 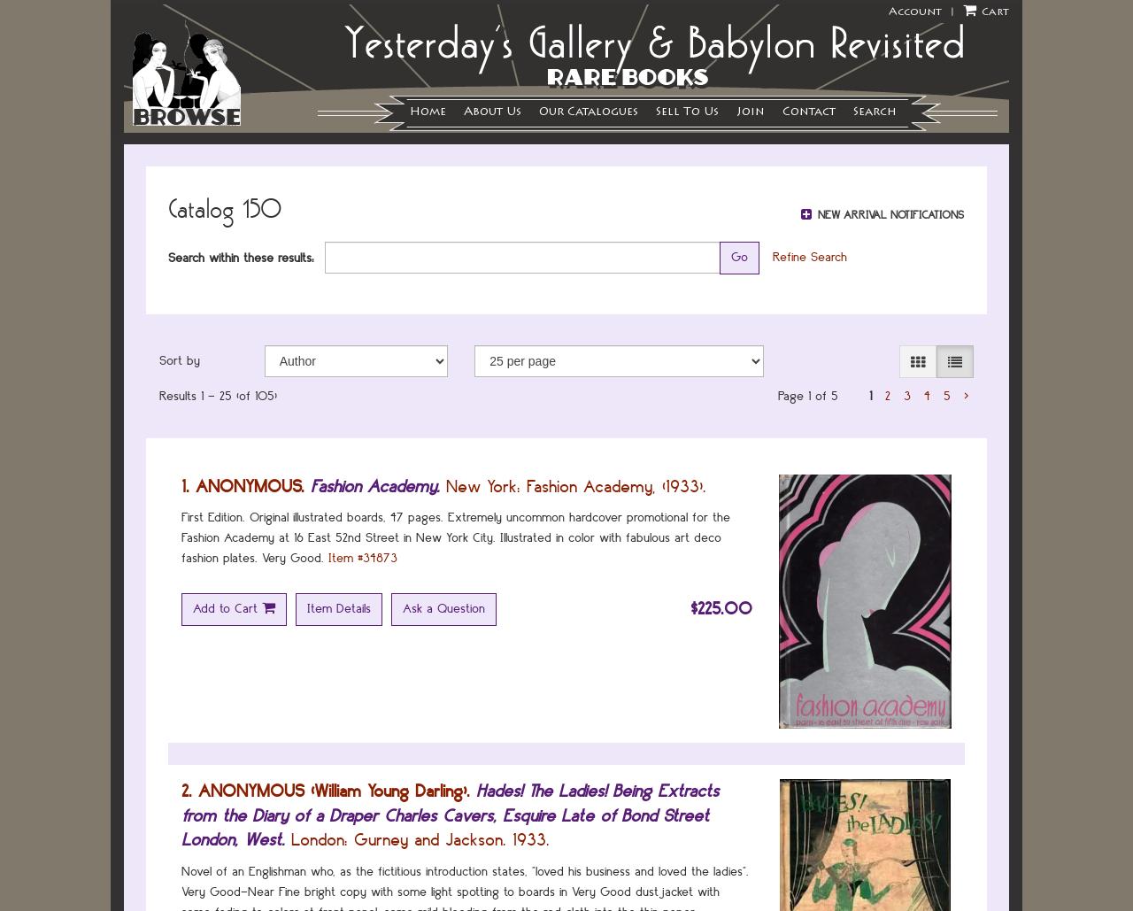 I want to click on 'Fashion Academy.', so click(x=374, y=484).